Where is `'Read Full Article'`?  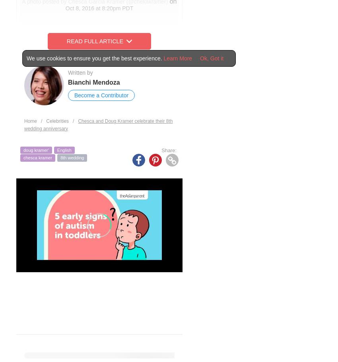 'Read Full Article' is located at coordinates (95, 41).